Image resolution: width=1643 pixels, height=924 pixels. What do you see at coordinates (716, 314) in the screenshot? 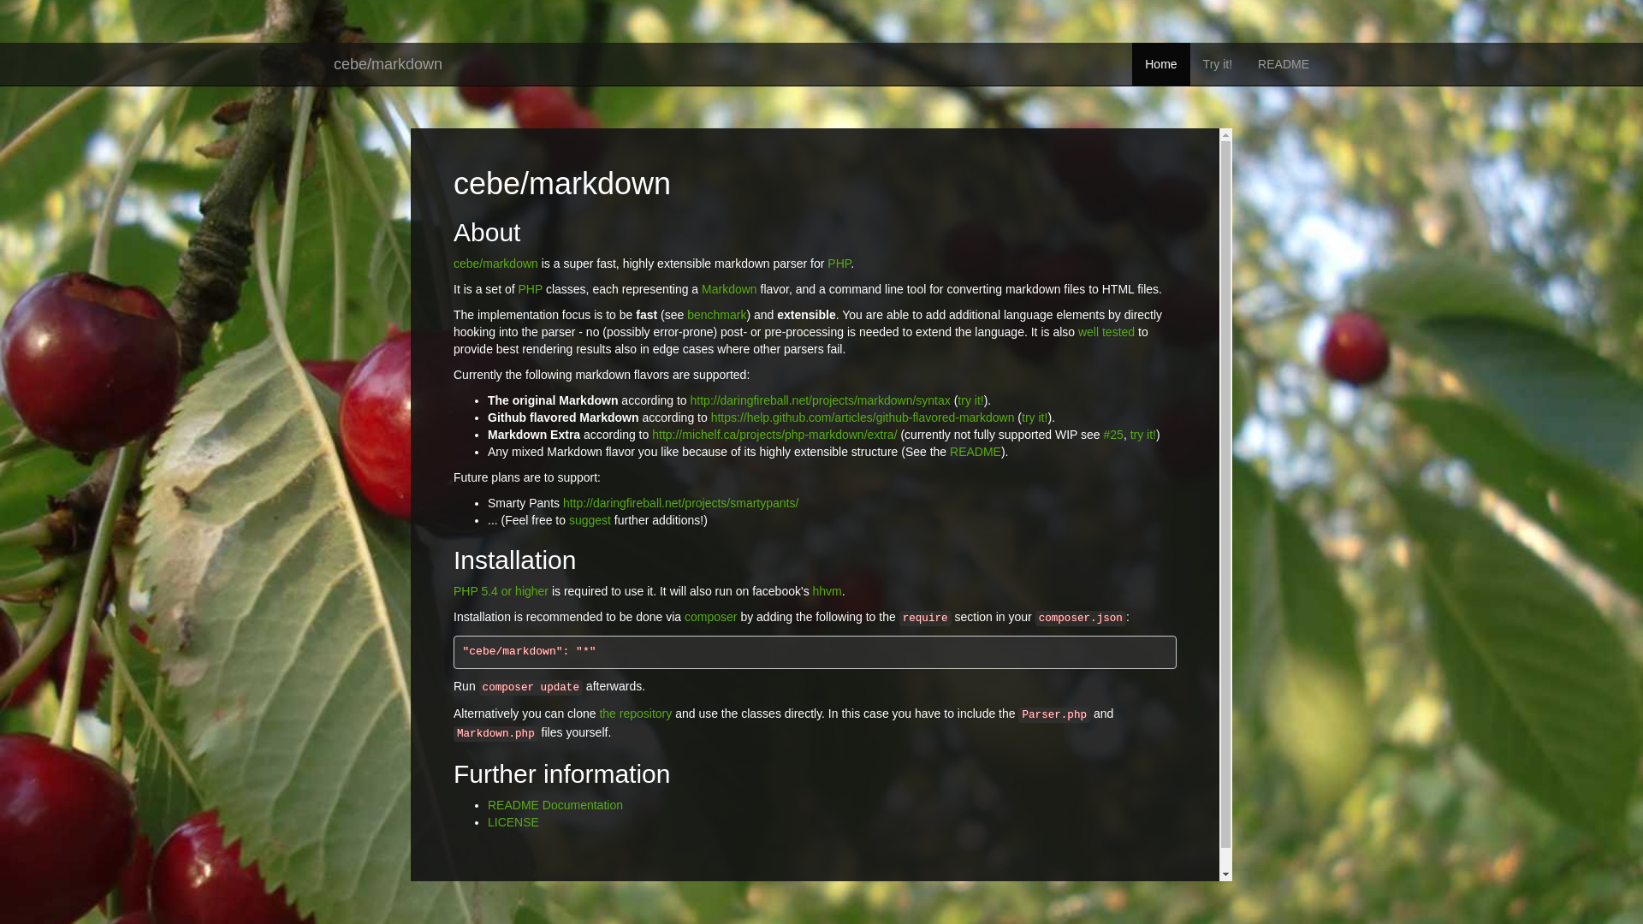
I see `'benchmark'` at bounding box center [716, 314].